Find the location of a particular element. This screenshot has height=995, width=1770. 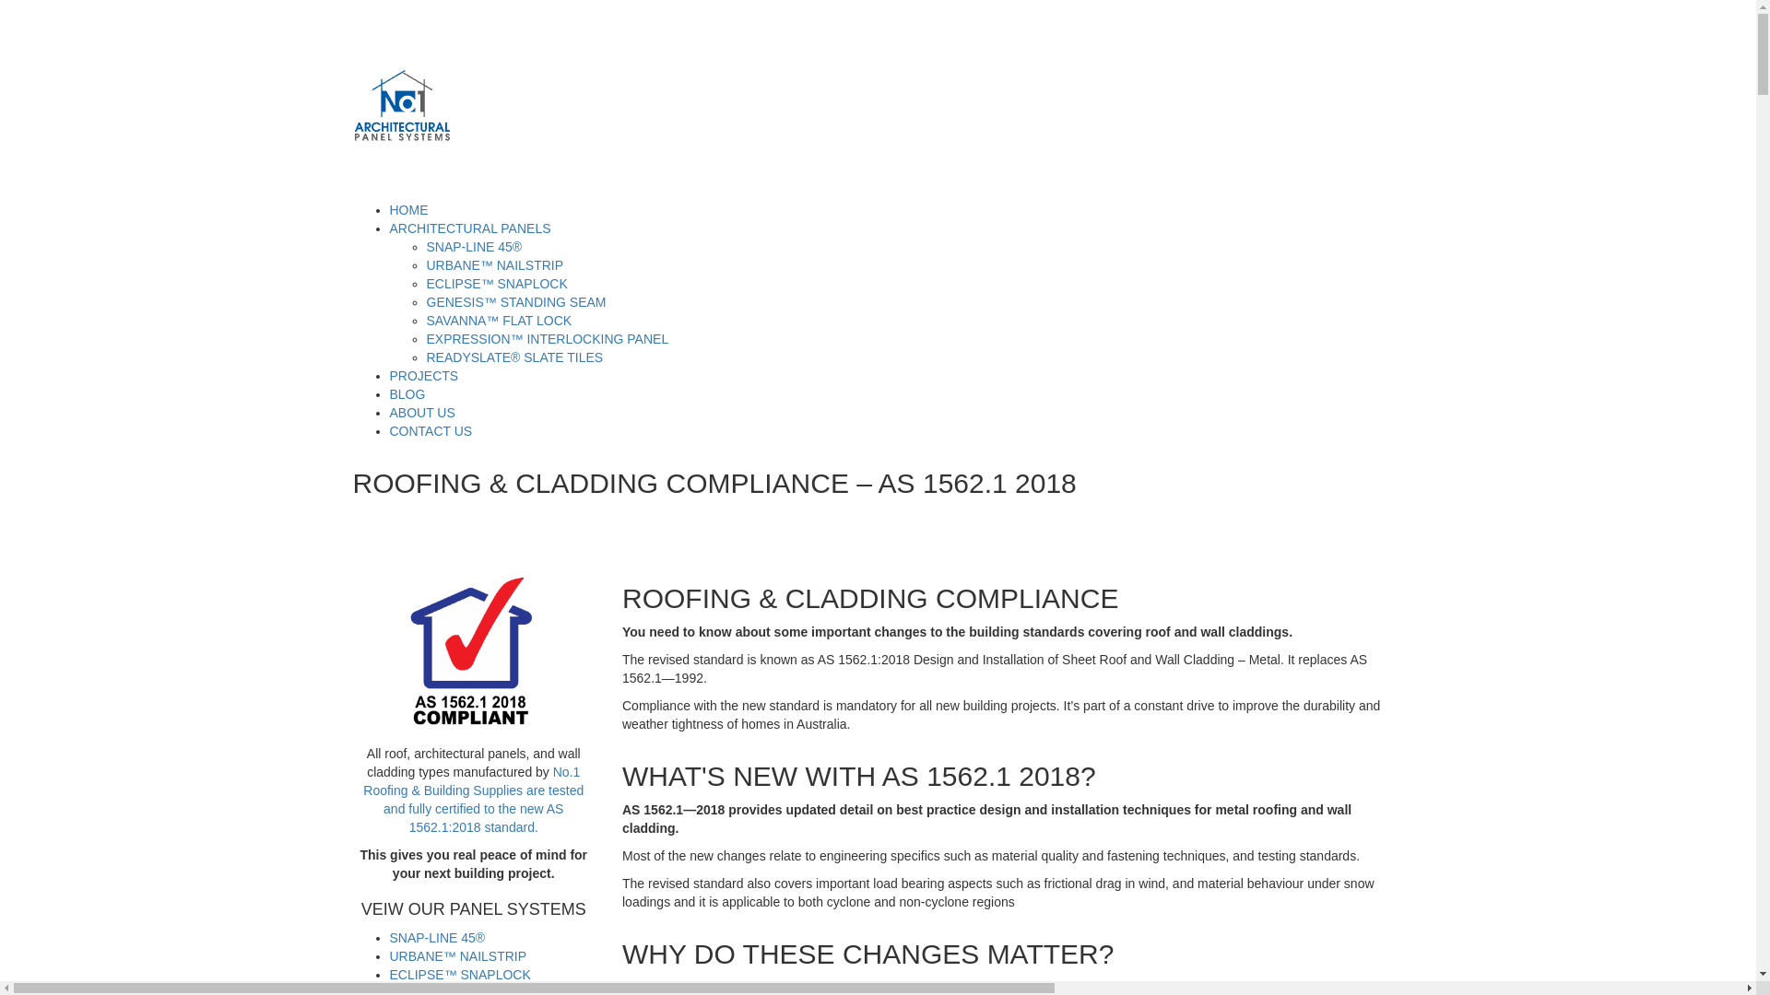

'BLOG' is located at coordinates (406, 393).